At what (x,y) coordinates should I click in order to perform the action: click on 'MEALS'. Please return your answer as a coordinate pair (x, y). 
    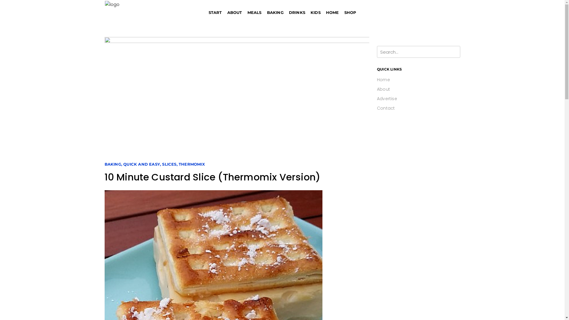
    Looking at the image, I should click on (255, 12).